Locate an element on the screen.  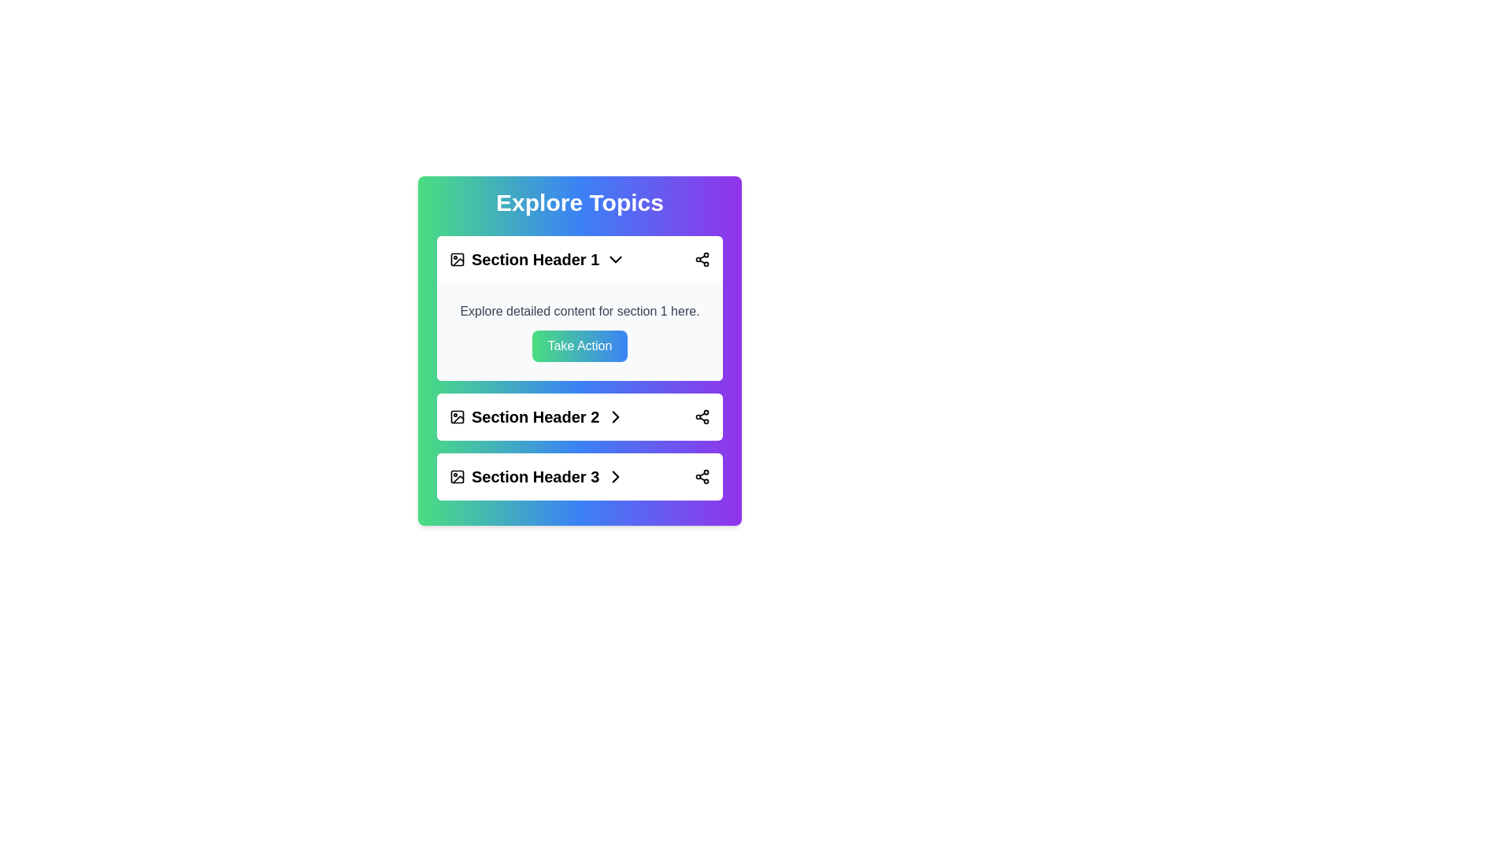
the right-facing chevron icon located to the right of 'Section Header 2' in the 'Explore Topics' box is located at coordinates (615, 416).